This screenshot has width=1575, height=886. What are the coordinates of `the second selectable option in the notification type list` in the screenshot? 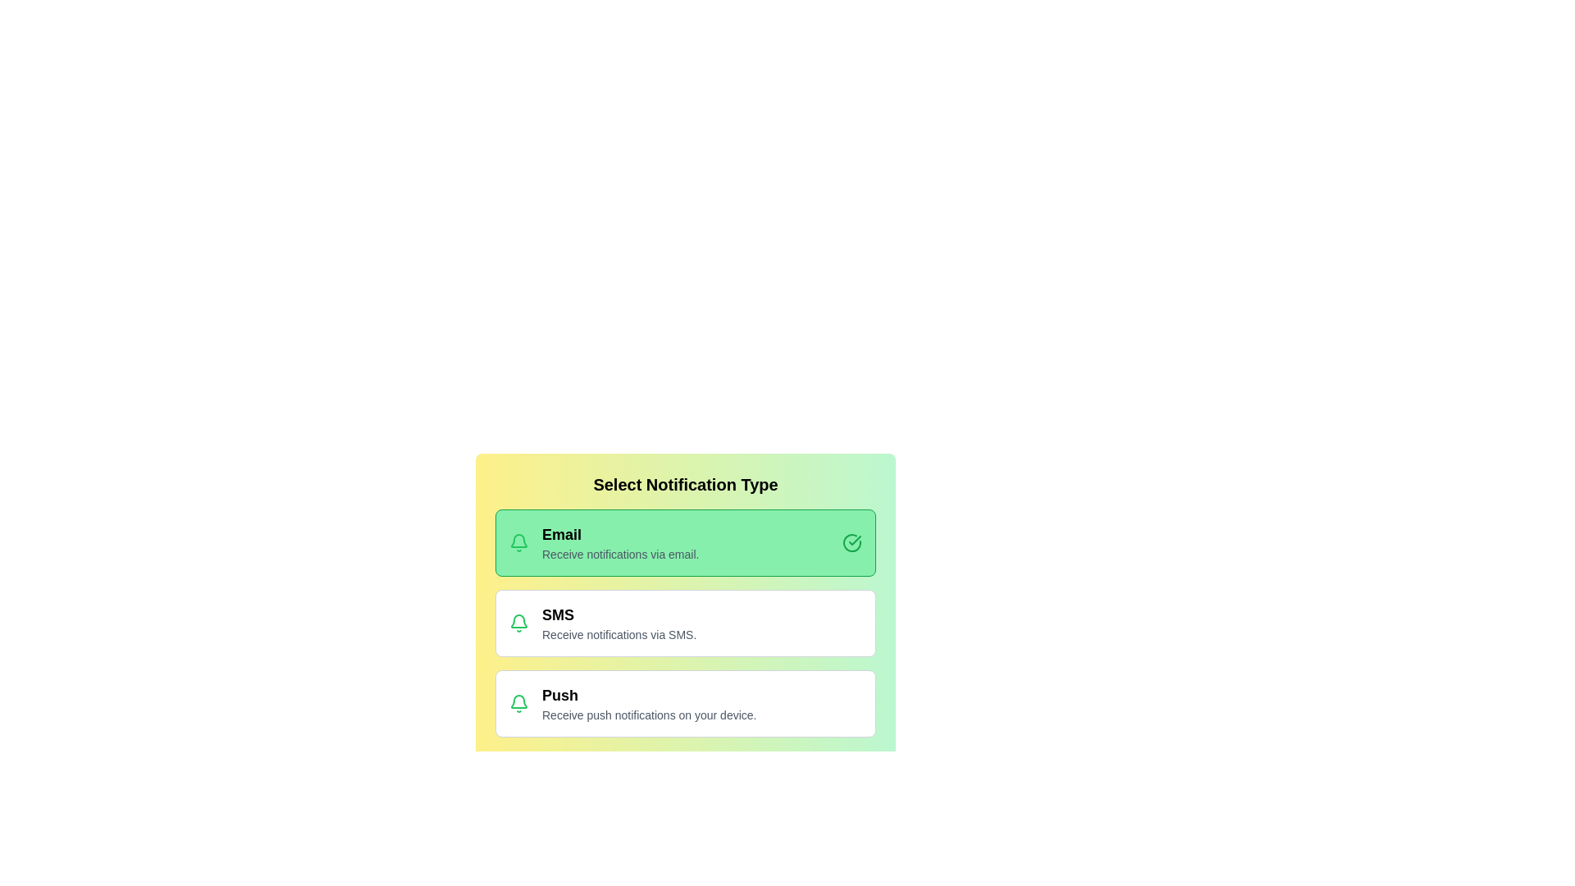 It's located at (685, 623).